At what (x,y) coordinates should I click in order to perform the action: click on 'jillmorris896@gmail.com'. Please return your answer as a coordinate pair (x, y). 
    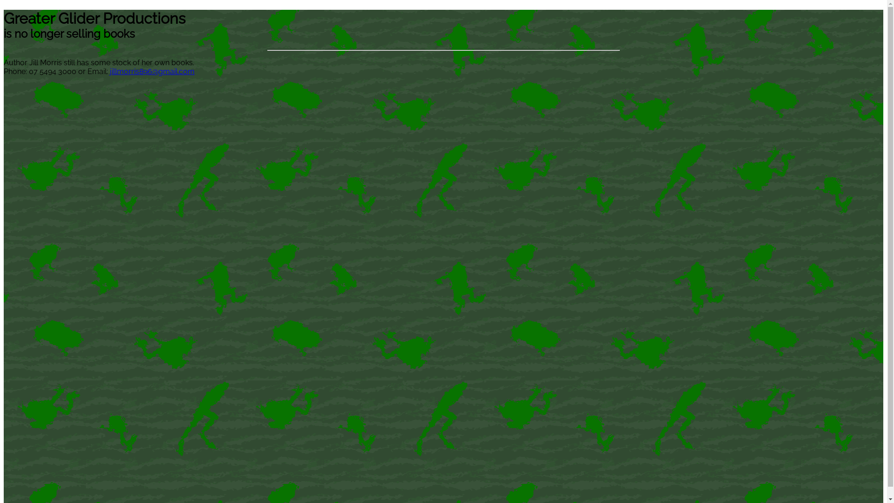
    Looking at the image, I should click on (152, 71).